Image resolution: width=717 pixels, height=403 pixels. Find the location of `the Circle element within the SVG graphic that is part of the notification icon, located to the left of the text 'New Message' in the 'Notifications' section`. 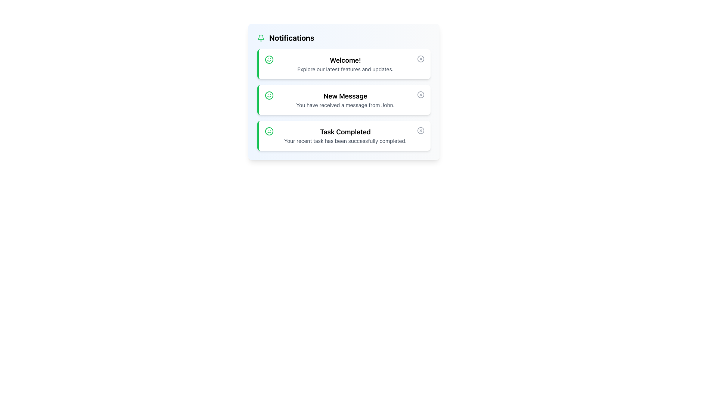

the Circle element within the SVG graphic that is part of the notification icon, located to the left of the text 'New Message' in the 'Notifications' section is located at coordinates (269, 95).